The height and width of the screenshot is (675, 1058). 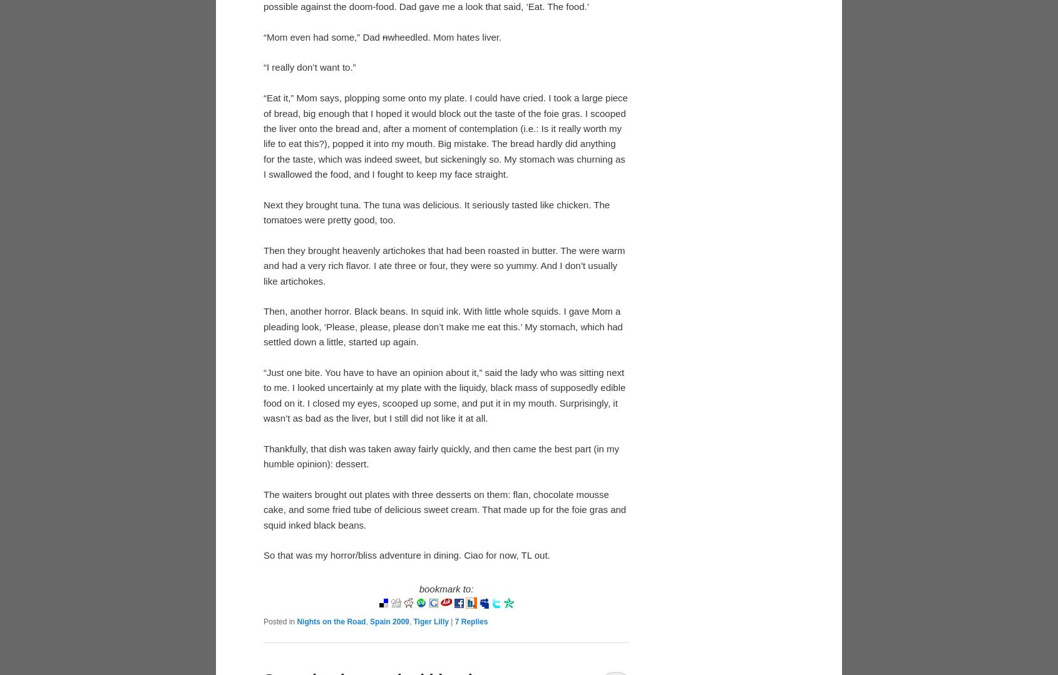 I want to click on 'Spain 2009', so click(x=369, y=621).